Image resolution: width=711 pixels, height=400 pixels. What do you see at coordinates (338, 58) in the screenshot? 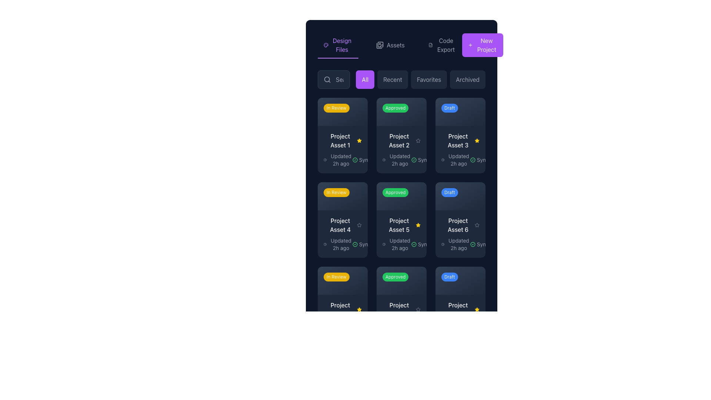
I see `the purple horizontal line indicator located at the bottom of the 'Design Files' navigation item` at bounding box center [338, 58].